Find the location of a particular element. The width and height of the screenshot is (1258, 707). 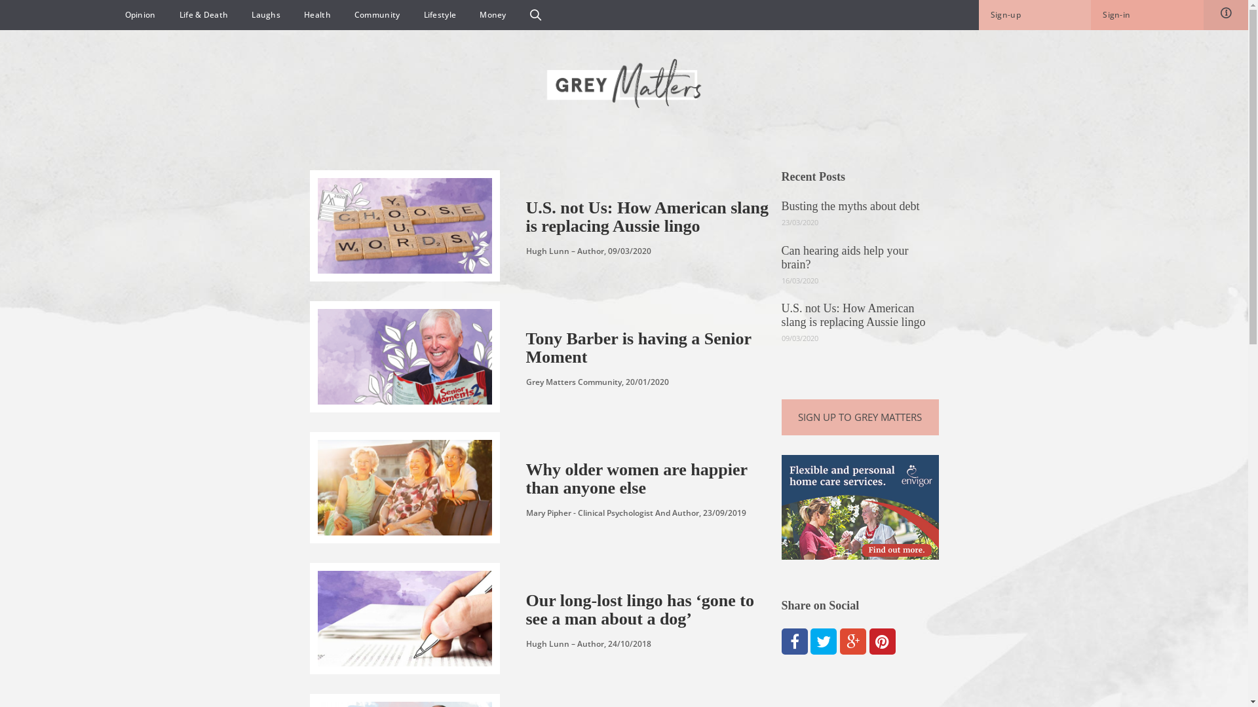

'Laughs' is located at coordinates (265, 15).